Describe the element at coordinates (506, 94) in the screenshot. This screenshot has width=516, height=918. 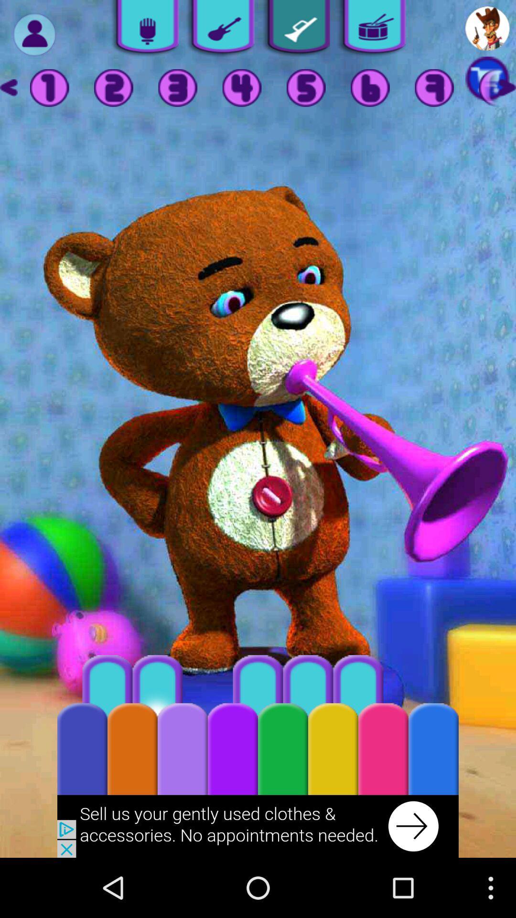
I see `the star icon` at that location.